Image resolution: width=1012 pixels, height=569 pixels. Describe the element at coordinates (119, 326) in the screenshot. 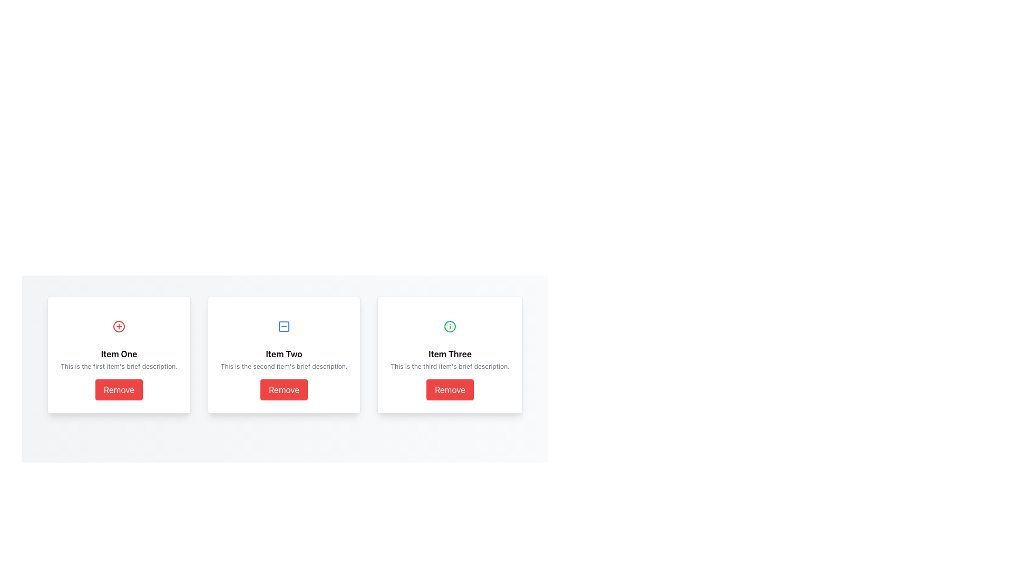

I see `the circular graphical element located at the top of the 'Item One' card, above the text 'Item One' and the 'Remove' button` at that location.